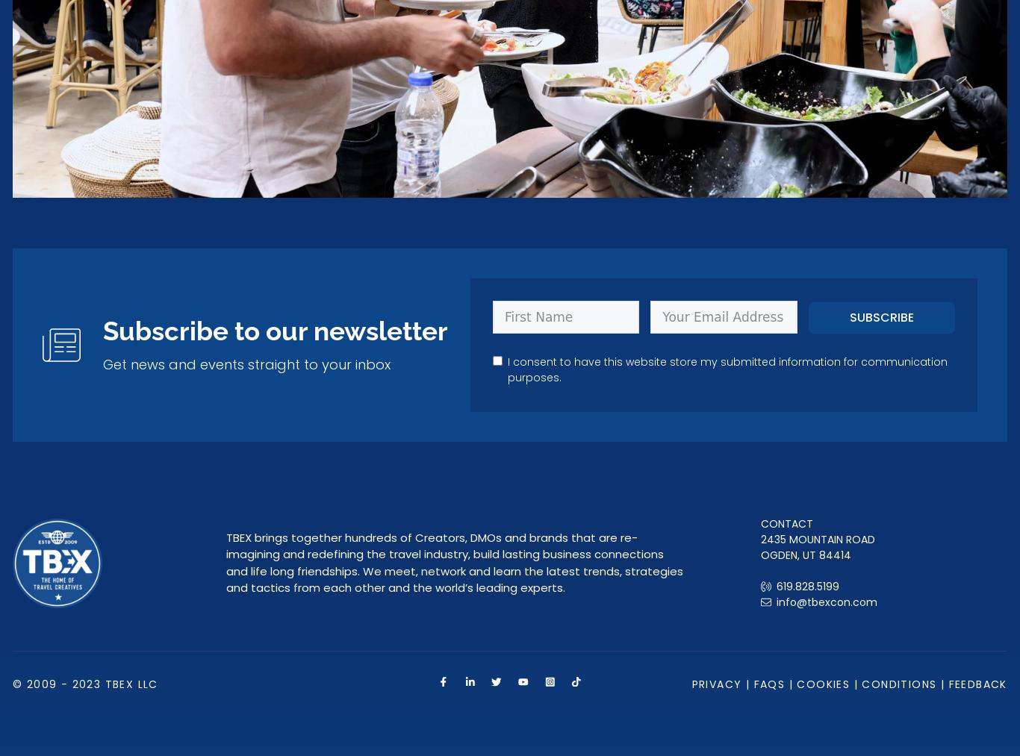  Describe the element at coordinates (807, 585) in the screenshot. I see `'619.828.5199'` at that location.